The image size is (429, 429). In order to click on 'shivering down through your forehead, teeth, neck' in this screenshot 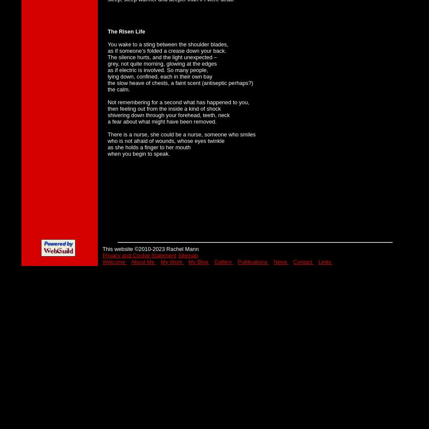, I will do `click(169, 115)`.